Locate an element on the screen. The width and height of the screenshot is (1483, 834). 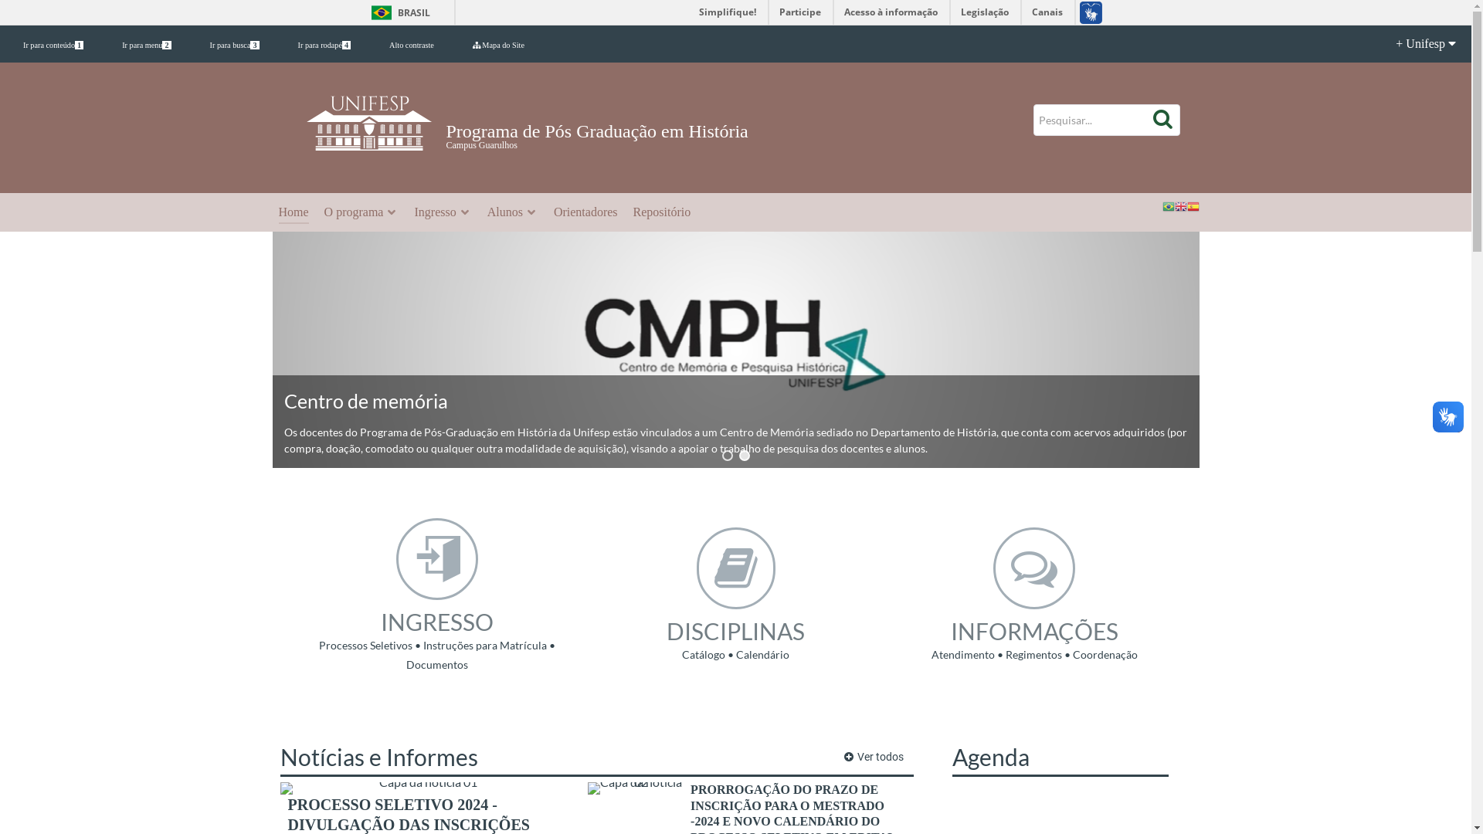
'Orientadores' is located at coordinates (585, 213).